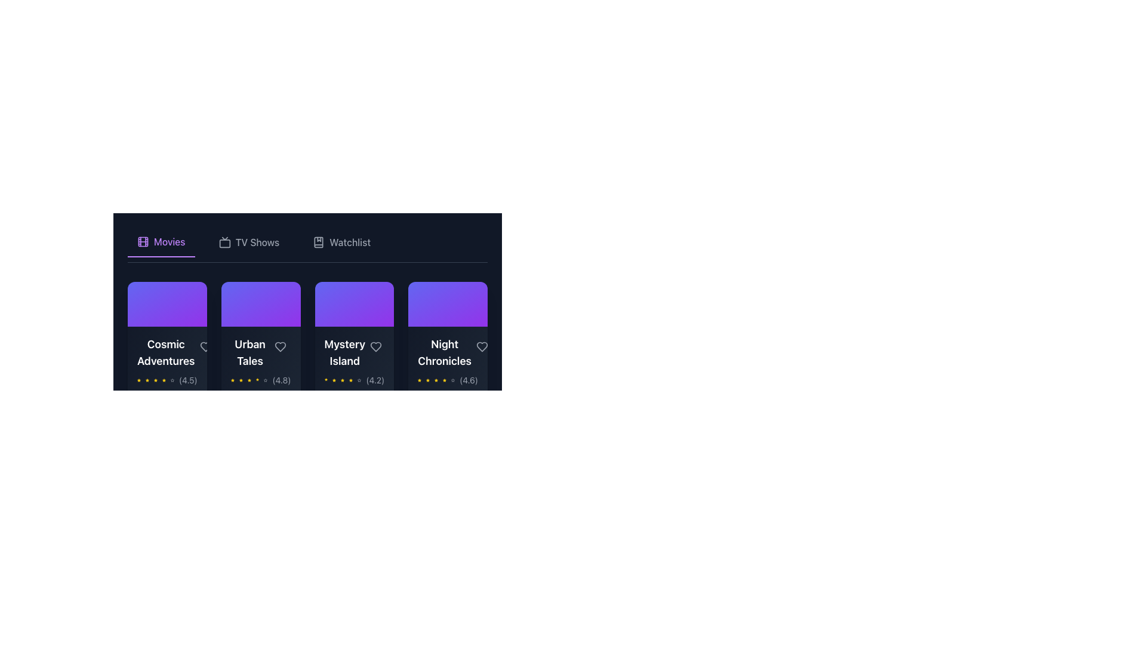 This screenshot has width=1146, height=645. Describe the element at coordinates (468, 380) in the screenshot. I see `numerical rating value displayed in the text label located at the bottom-right area of the card labeled 'Night Chronicles', which is positioned next to the yellow stars` at that location.